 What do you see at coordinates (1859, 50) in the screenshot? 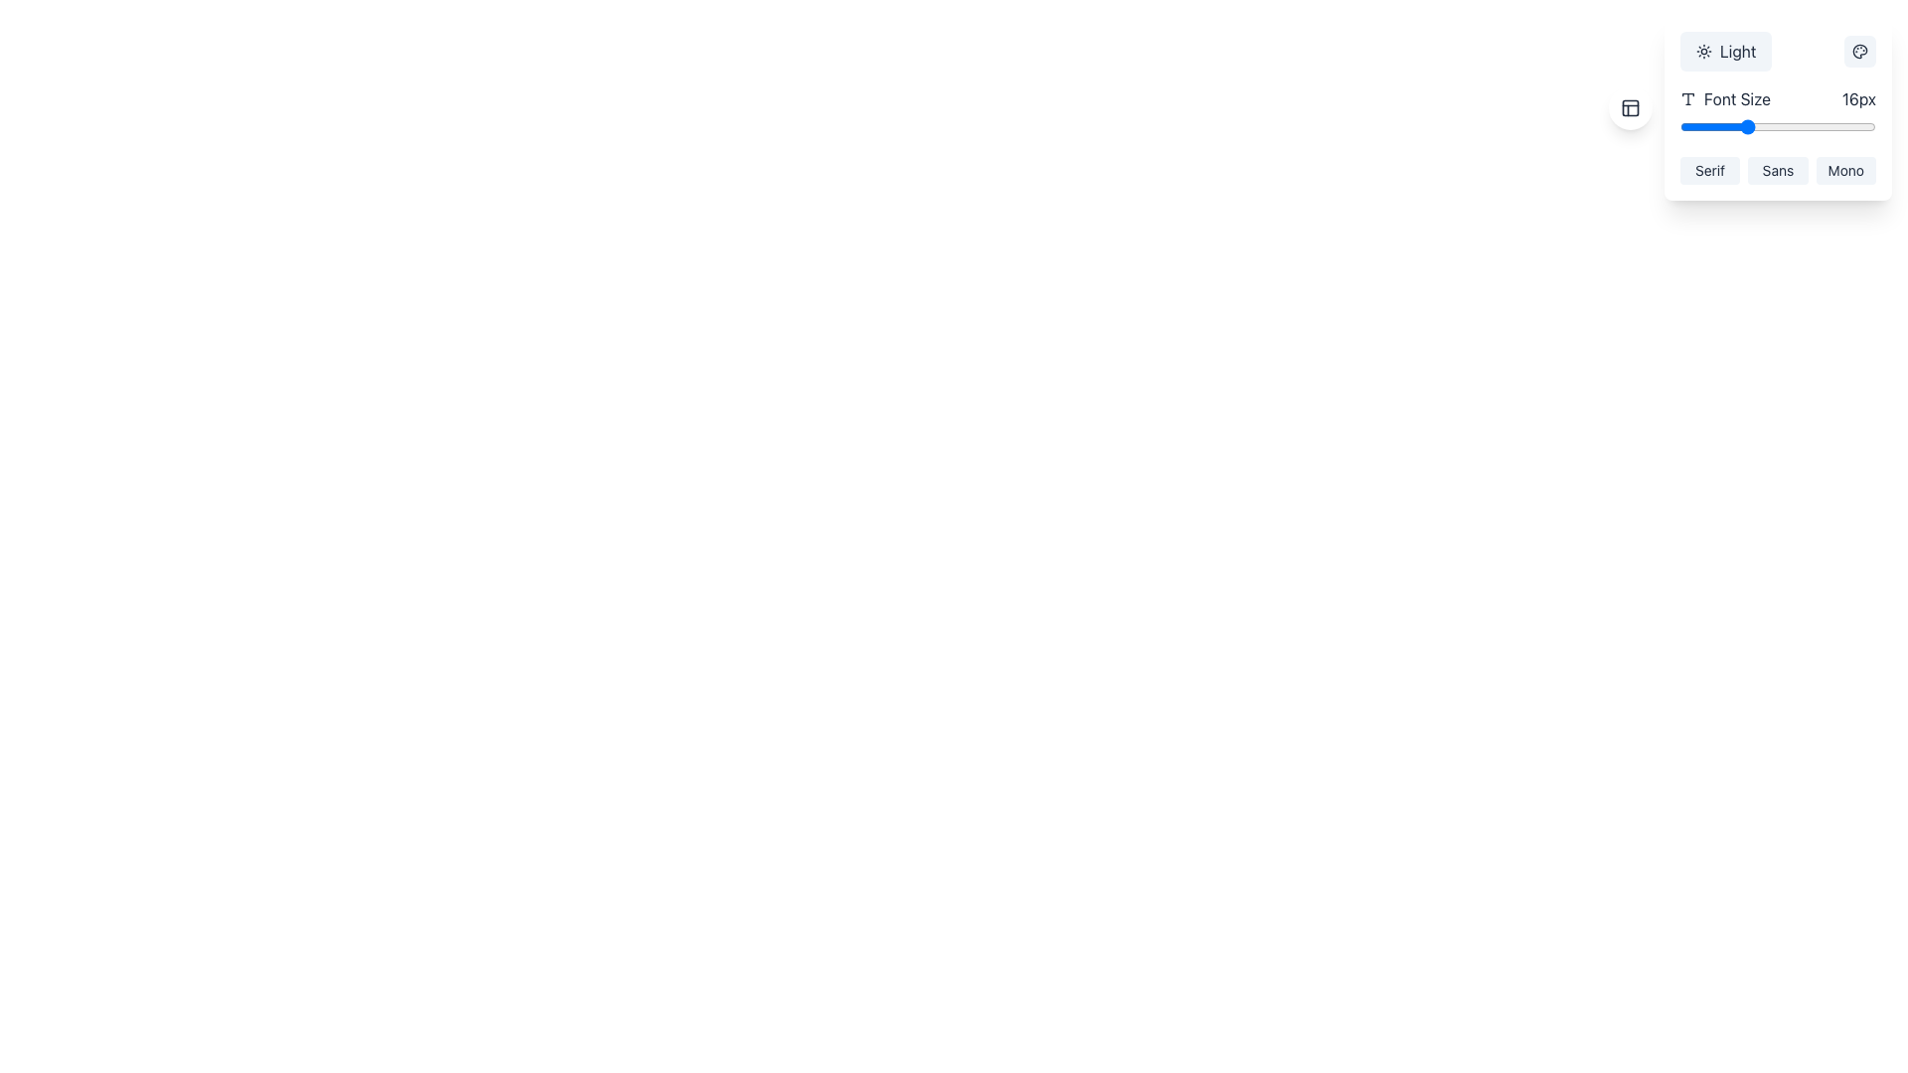
I see `the painter's palette icon located in the top-right corner of the popup interface` at bounding box center [1859, 50].